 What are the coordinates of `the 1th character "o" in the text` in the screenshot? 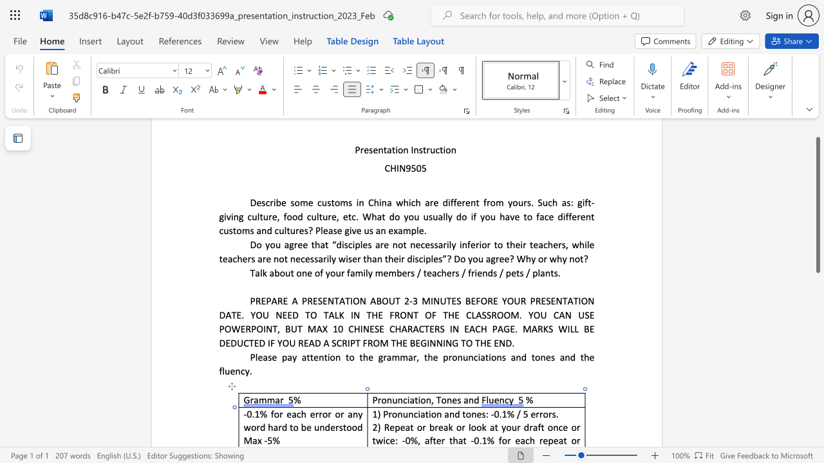 It's located at (276, 414).